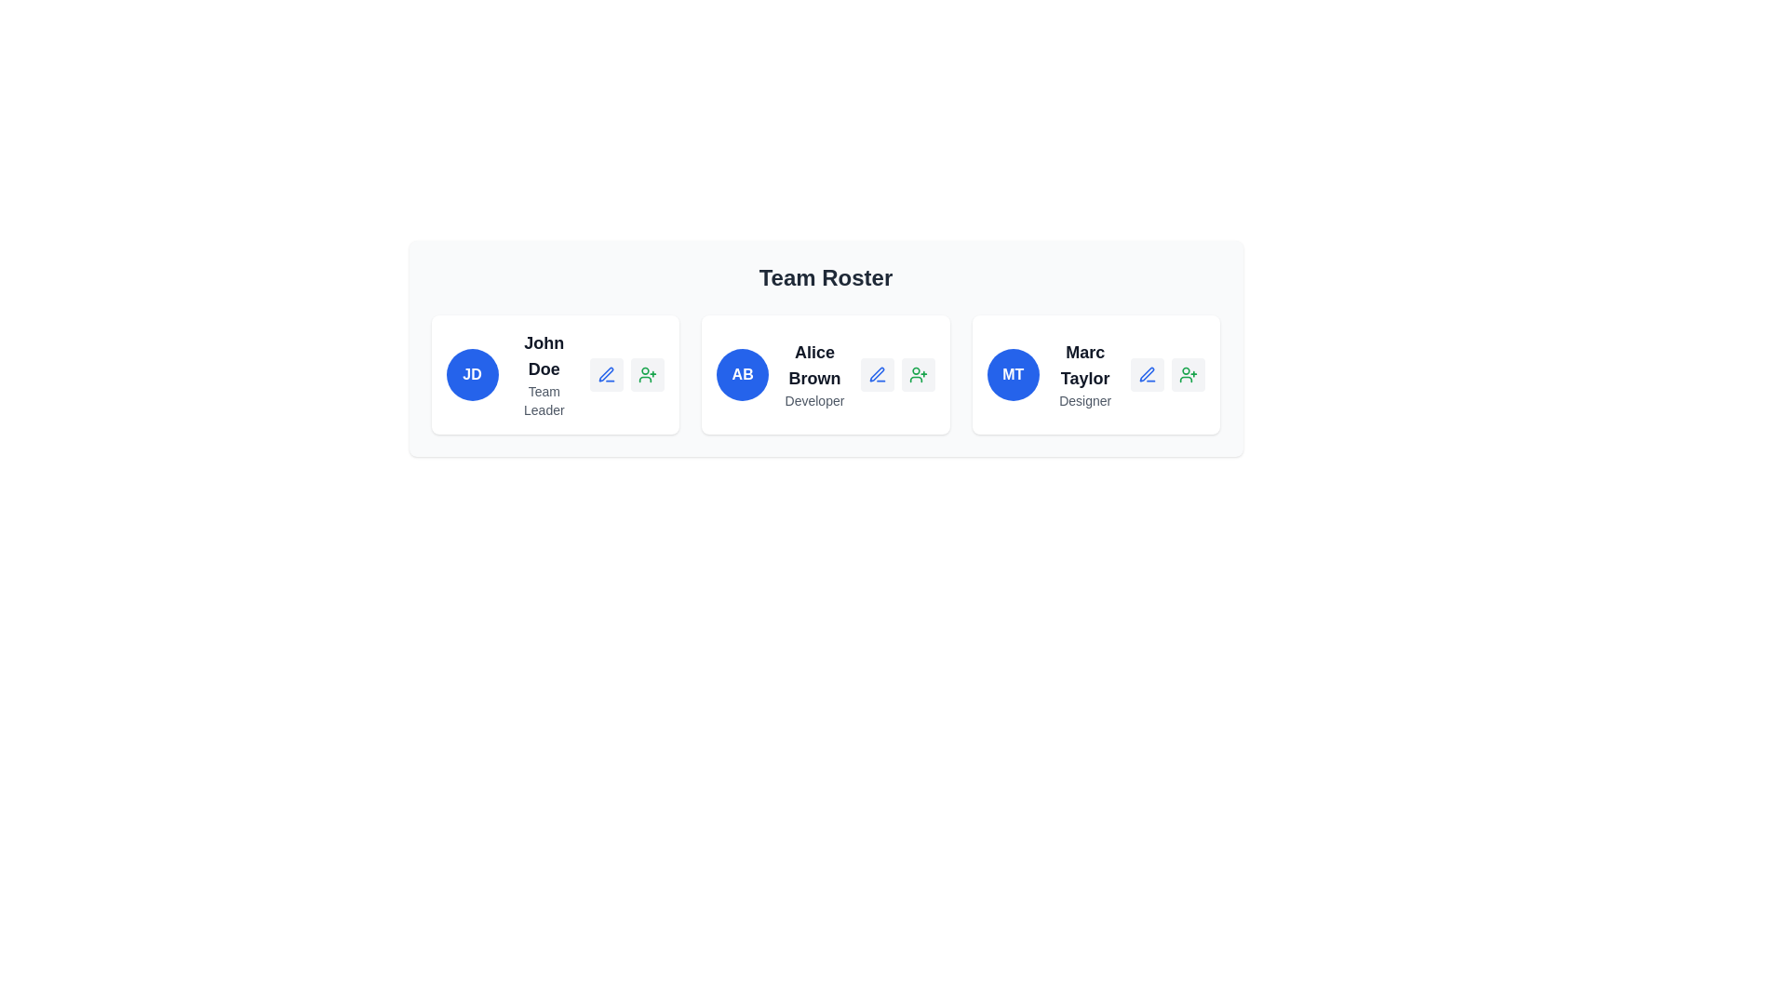  Describe the element at coordinates (1147, 374) in the screenshot. I see `the small button with a light gray background and a blue pen icon, located in the card for user 'Marc Taylor'` at that location.